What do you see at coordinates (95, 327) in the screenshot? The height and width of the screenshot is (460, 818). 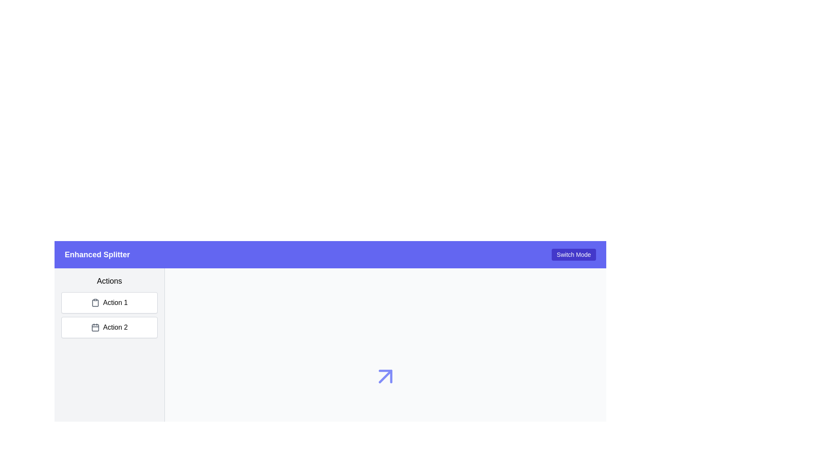 I see `the calendar icon styled with a light stroke and labeled 'Action 2' in the left pane under the 'Actions' header` at bounding box center [95, 327].